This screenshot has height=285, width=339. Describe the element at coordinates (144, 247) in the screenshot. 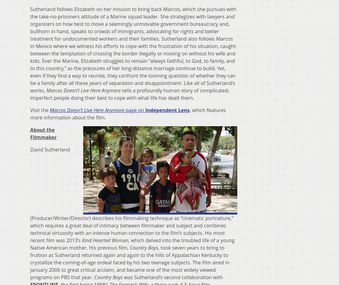

I see `'Country Boys,'` at that location.